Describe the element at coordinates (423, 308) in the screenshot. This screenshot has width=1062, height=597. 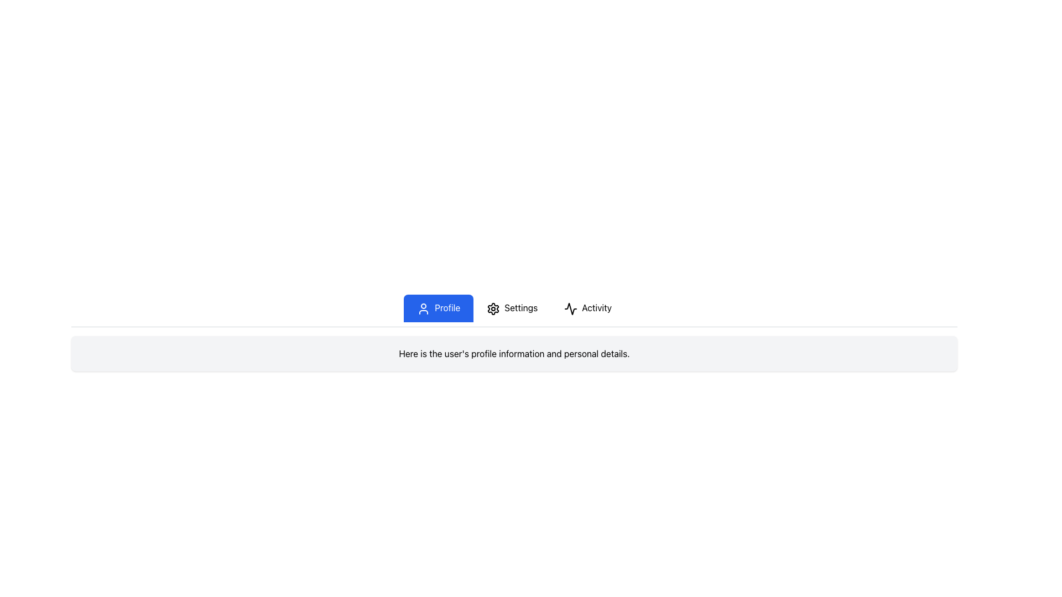
I see `the user profile icon within the blue button labeled 'Profile'` at that location.